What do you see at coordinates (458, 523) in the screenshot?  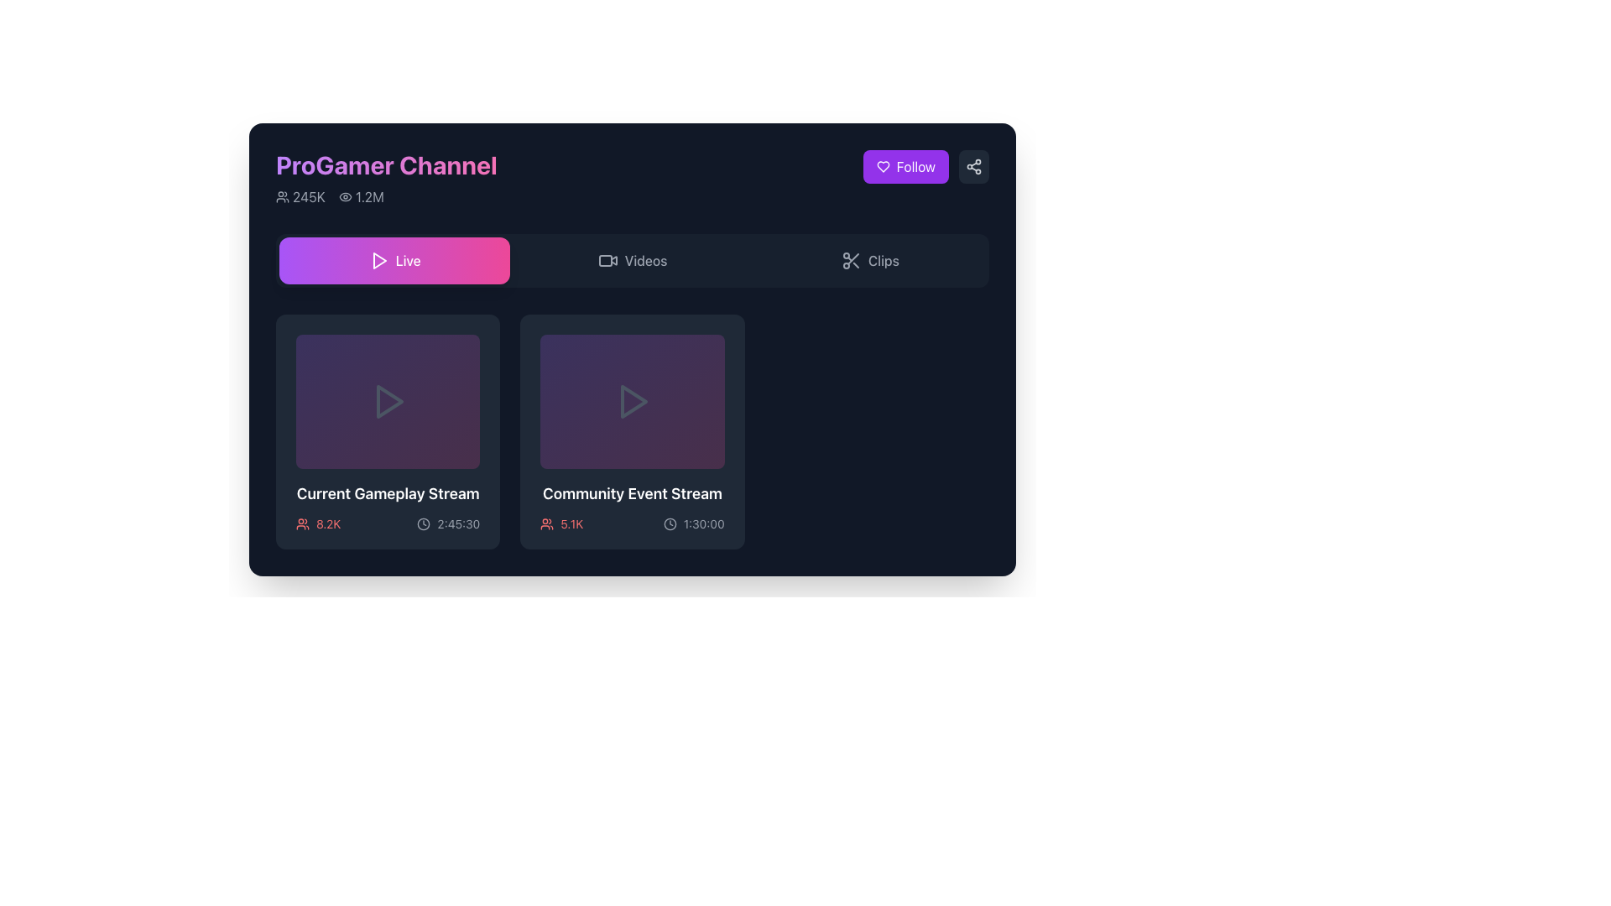 I see `the numerical time display '2:45:30' which is rendered in light gray color against a dark background and is located beneath the 'Current Gameplay Stream' thumbnail` at bounding box center [458, 523].